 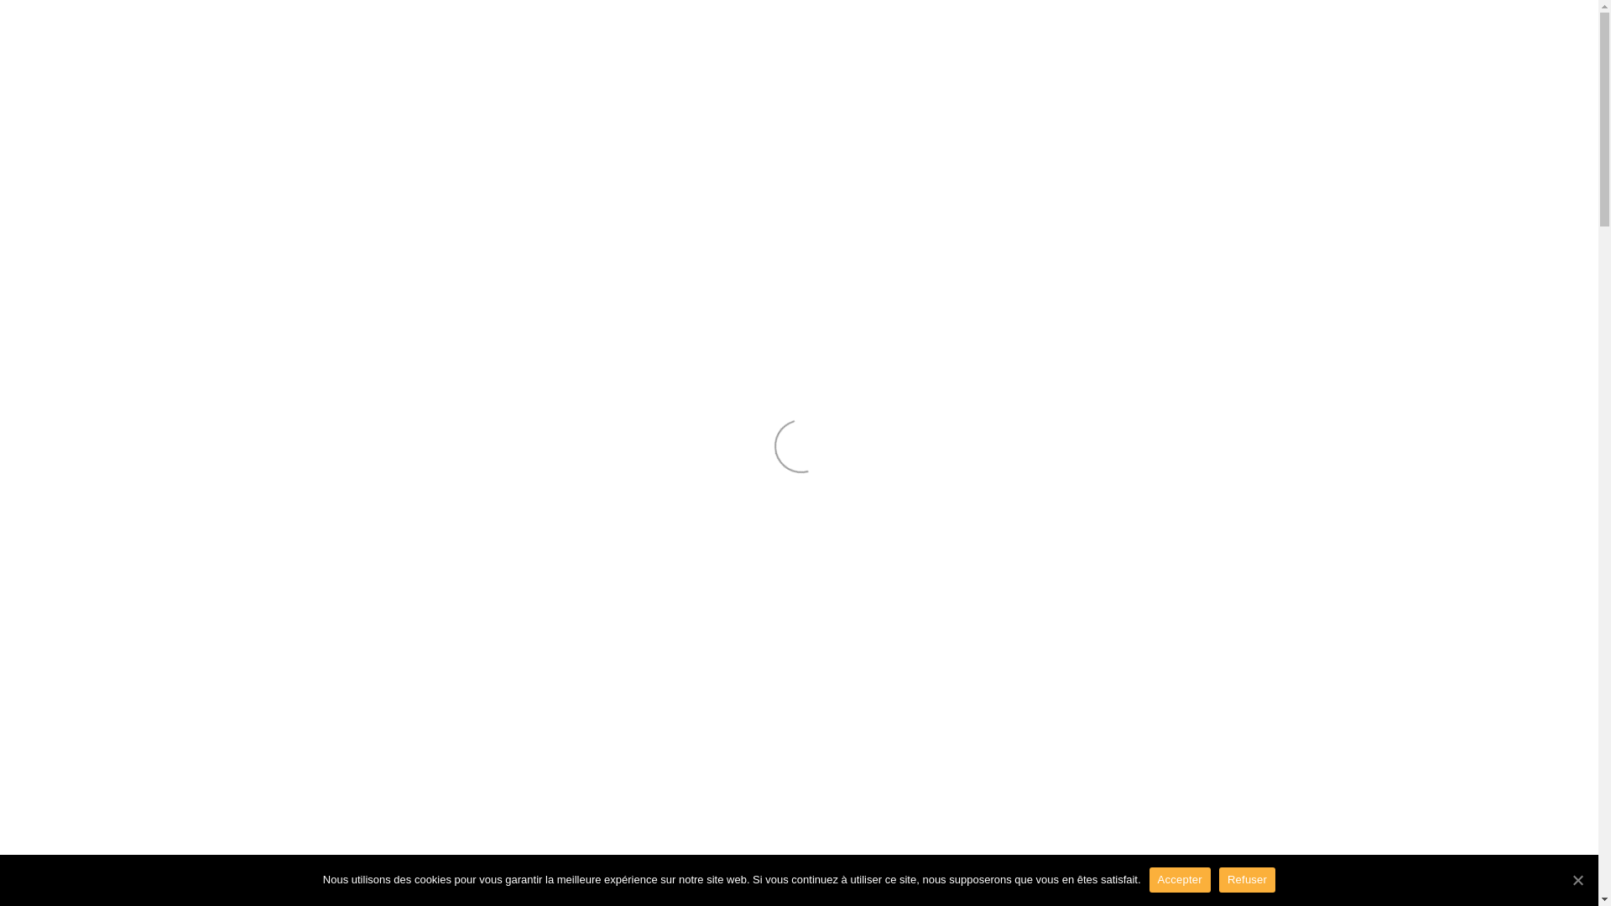 I want to click on 'Refuser', so click(x=1247, y=879).